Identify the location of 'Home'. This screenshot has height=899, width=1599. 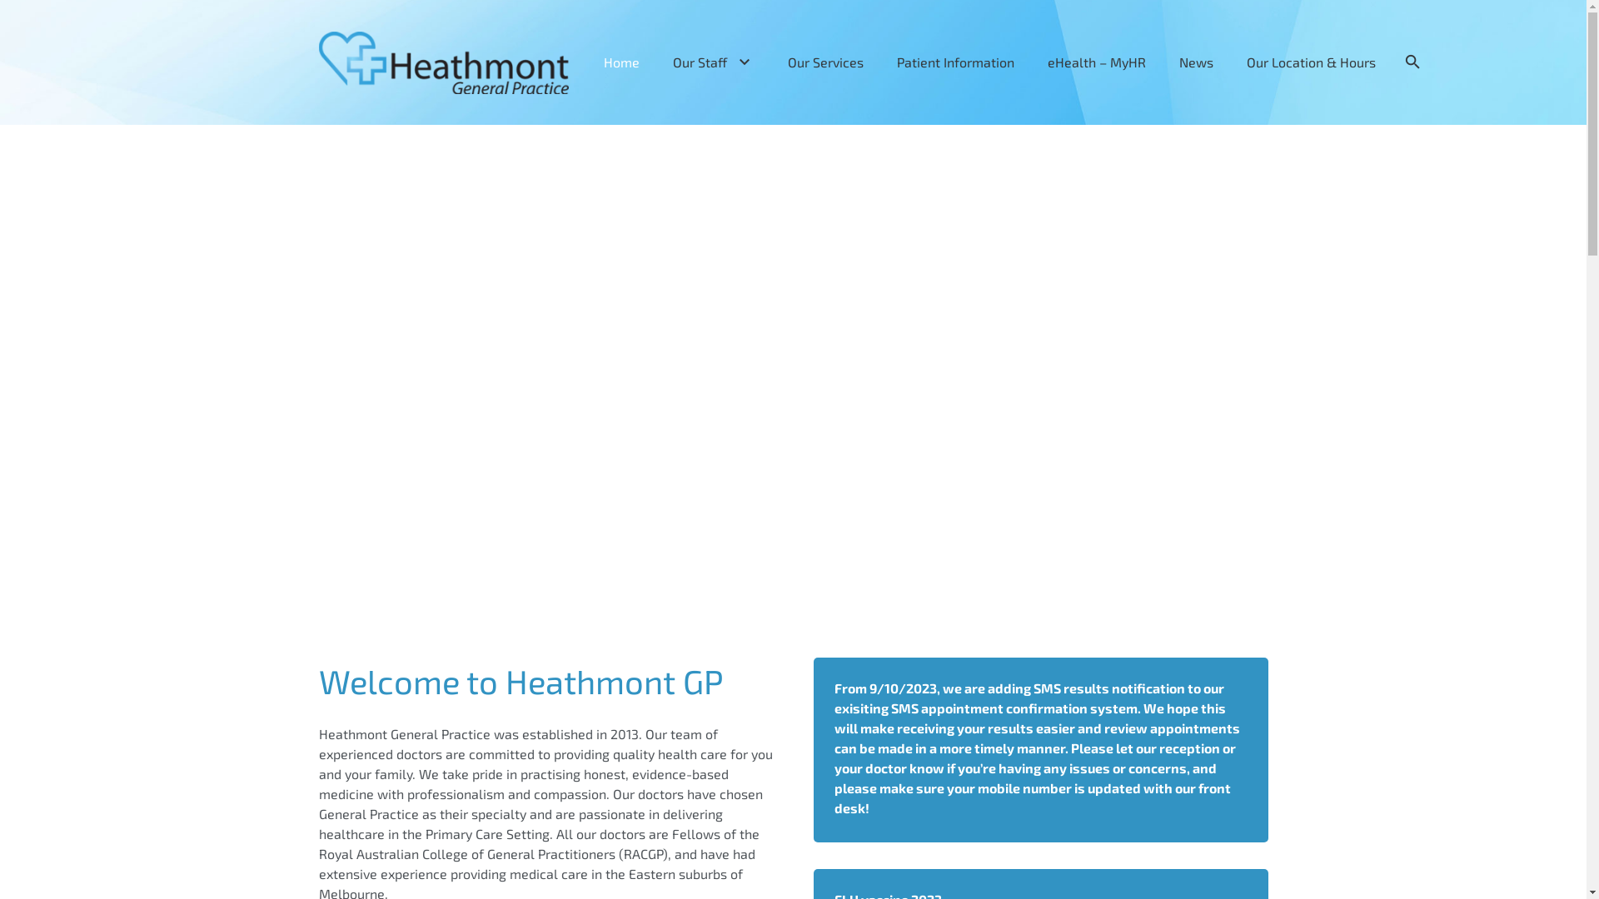
(587, 61).